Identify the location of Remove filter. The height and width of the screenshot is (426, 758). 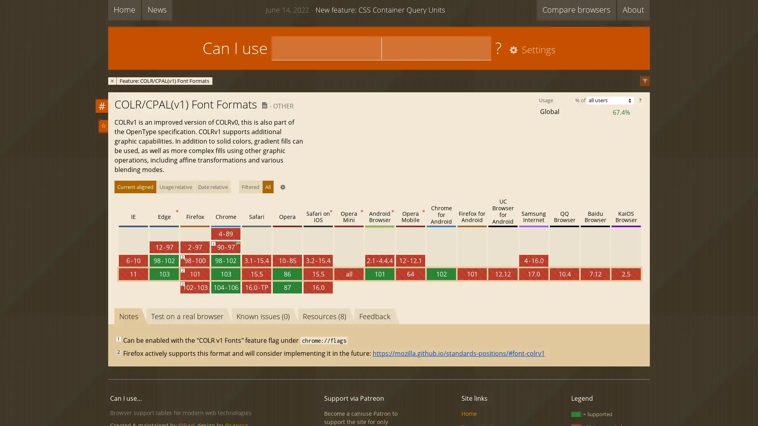
(112, 80).